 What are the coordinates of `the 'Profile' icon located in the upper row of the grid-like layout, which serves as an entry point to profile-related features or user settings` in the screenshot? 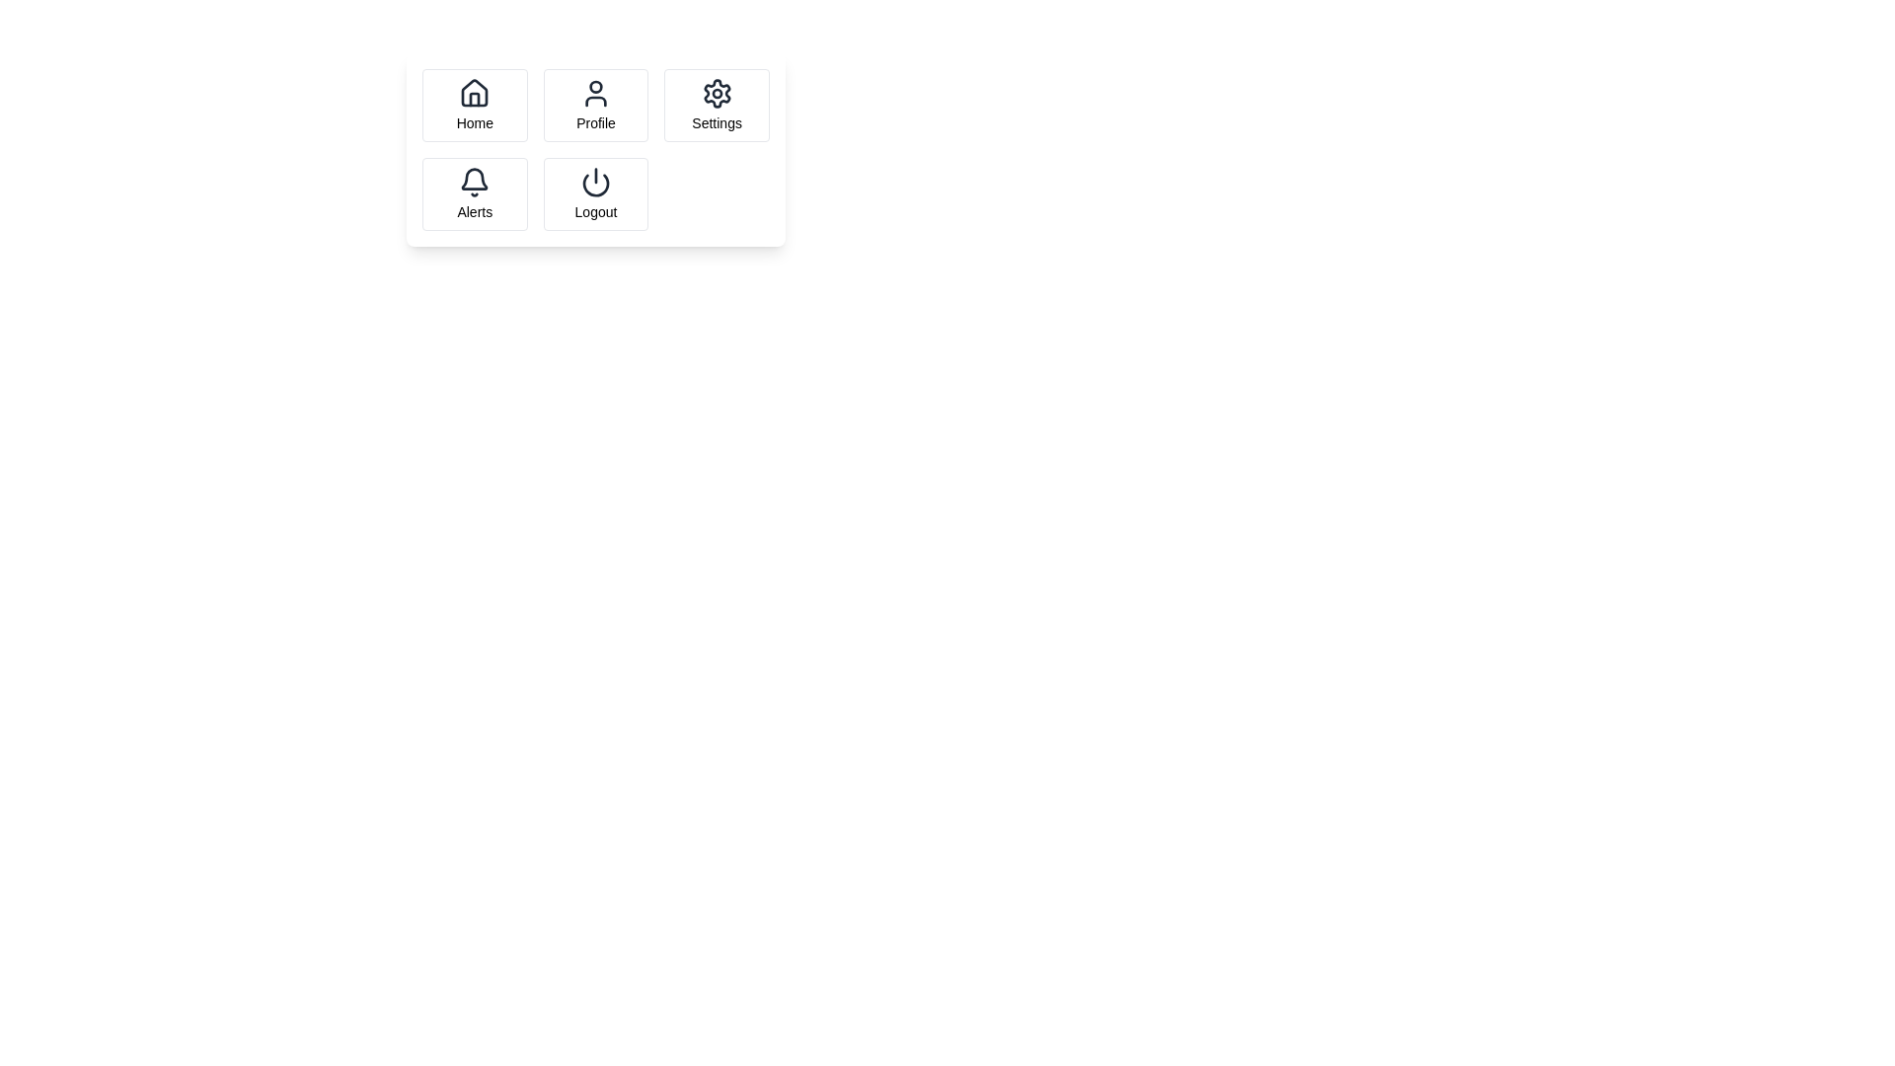 It's located at (595, 94).